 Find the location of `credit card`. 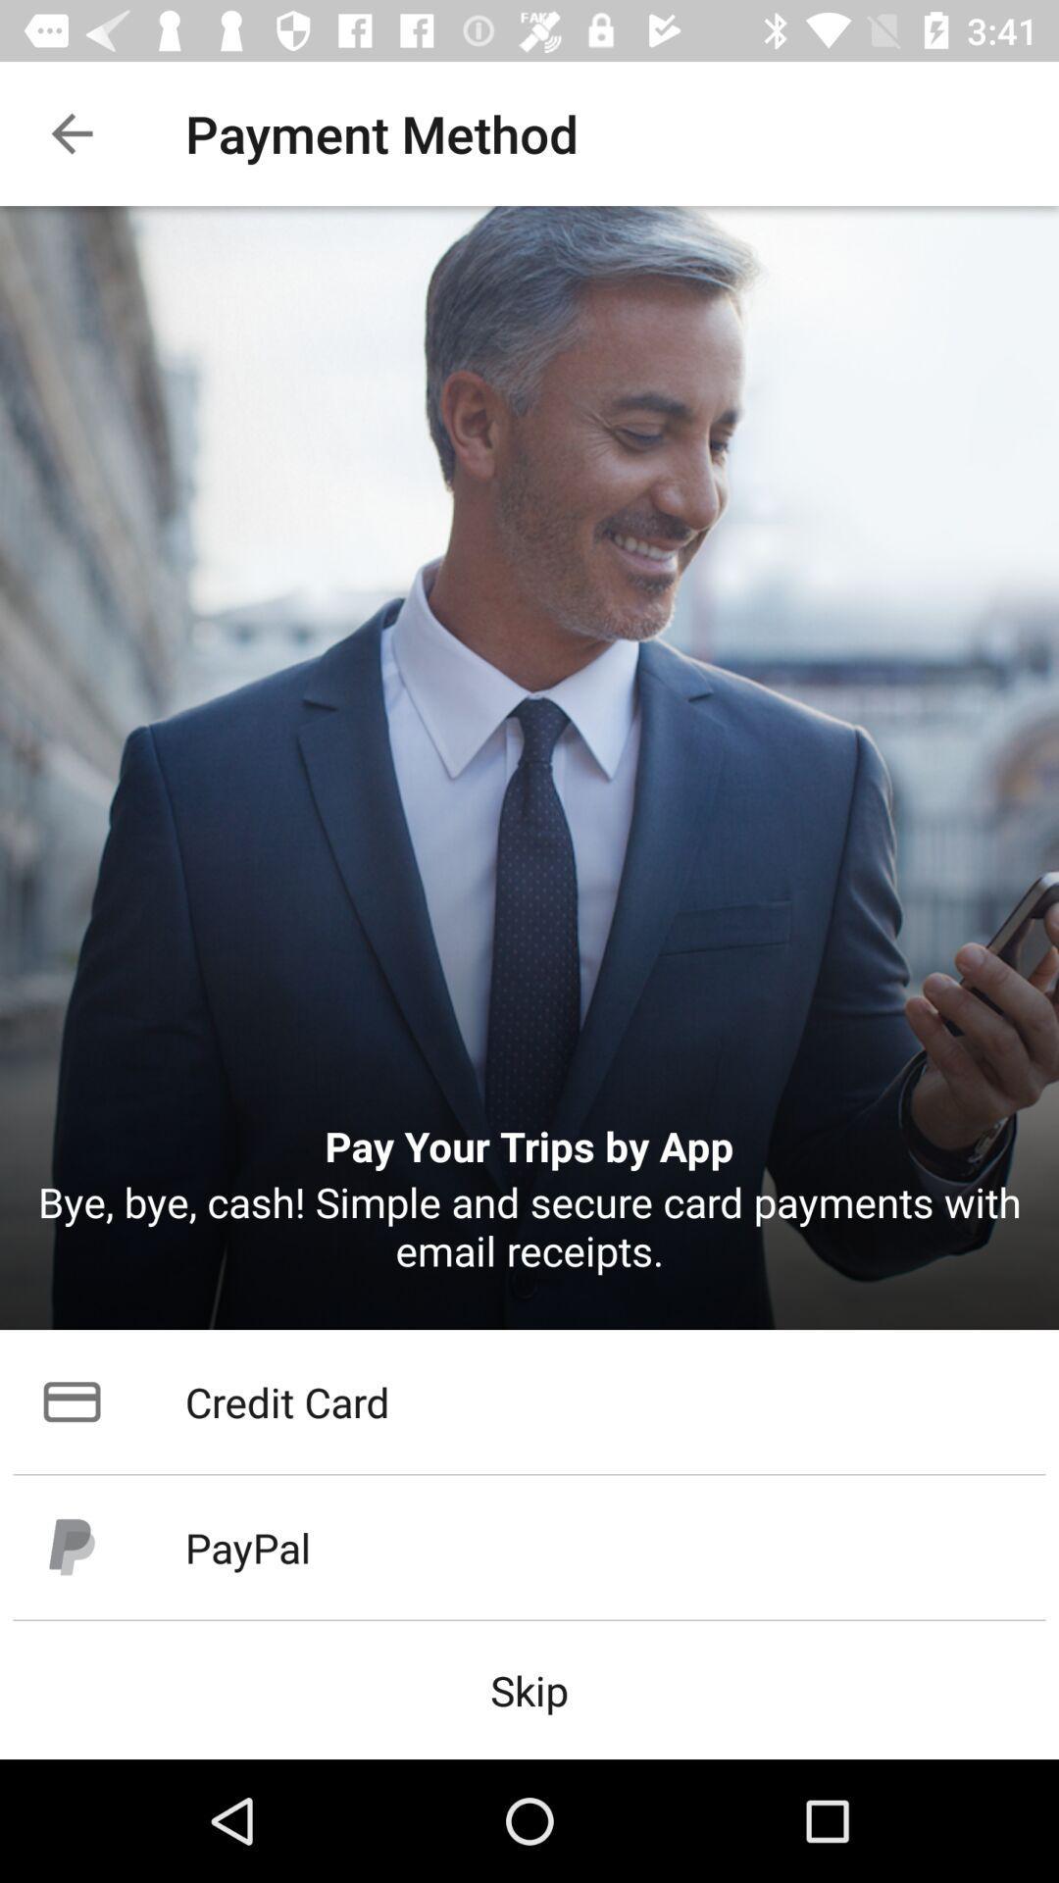

credit card is located at coordinates (529, 1400).